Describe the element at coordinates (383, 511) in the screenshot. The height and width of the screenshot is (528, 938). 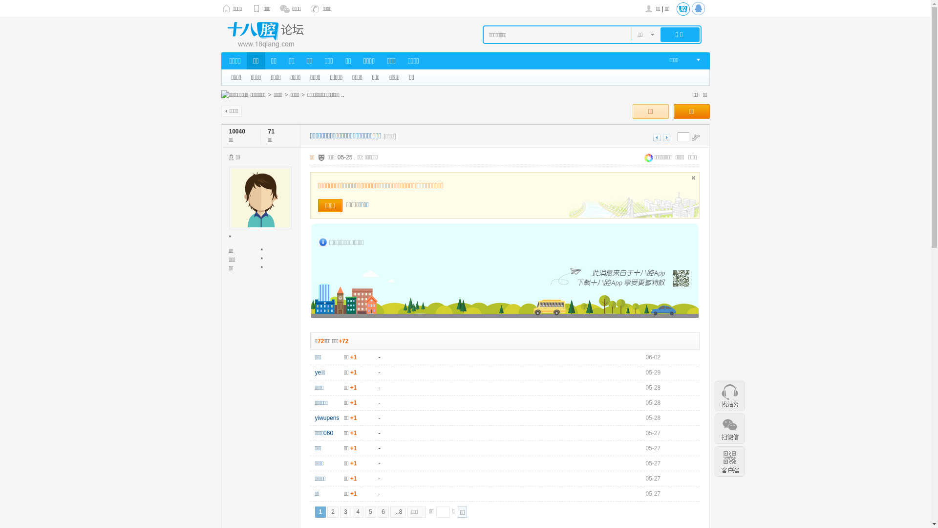
I see `'6'` at that location.